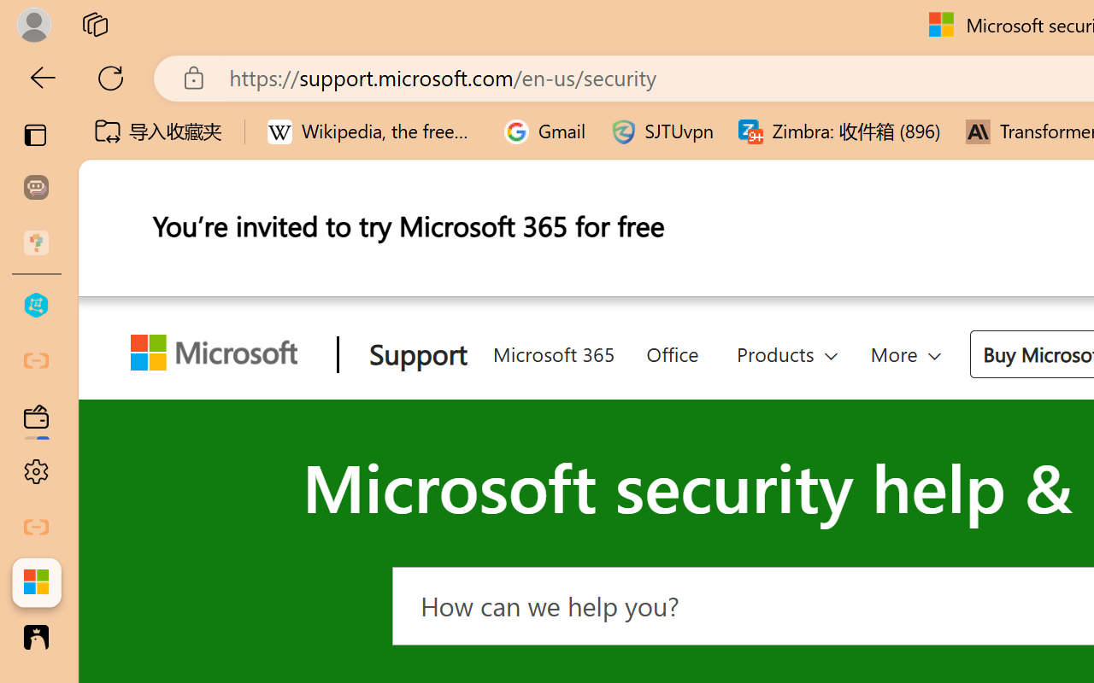  I want to click on 'Office', so click(670, 352).